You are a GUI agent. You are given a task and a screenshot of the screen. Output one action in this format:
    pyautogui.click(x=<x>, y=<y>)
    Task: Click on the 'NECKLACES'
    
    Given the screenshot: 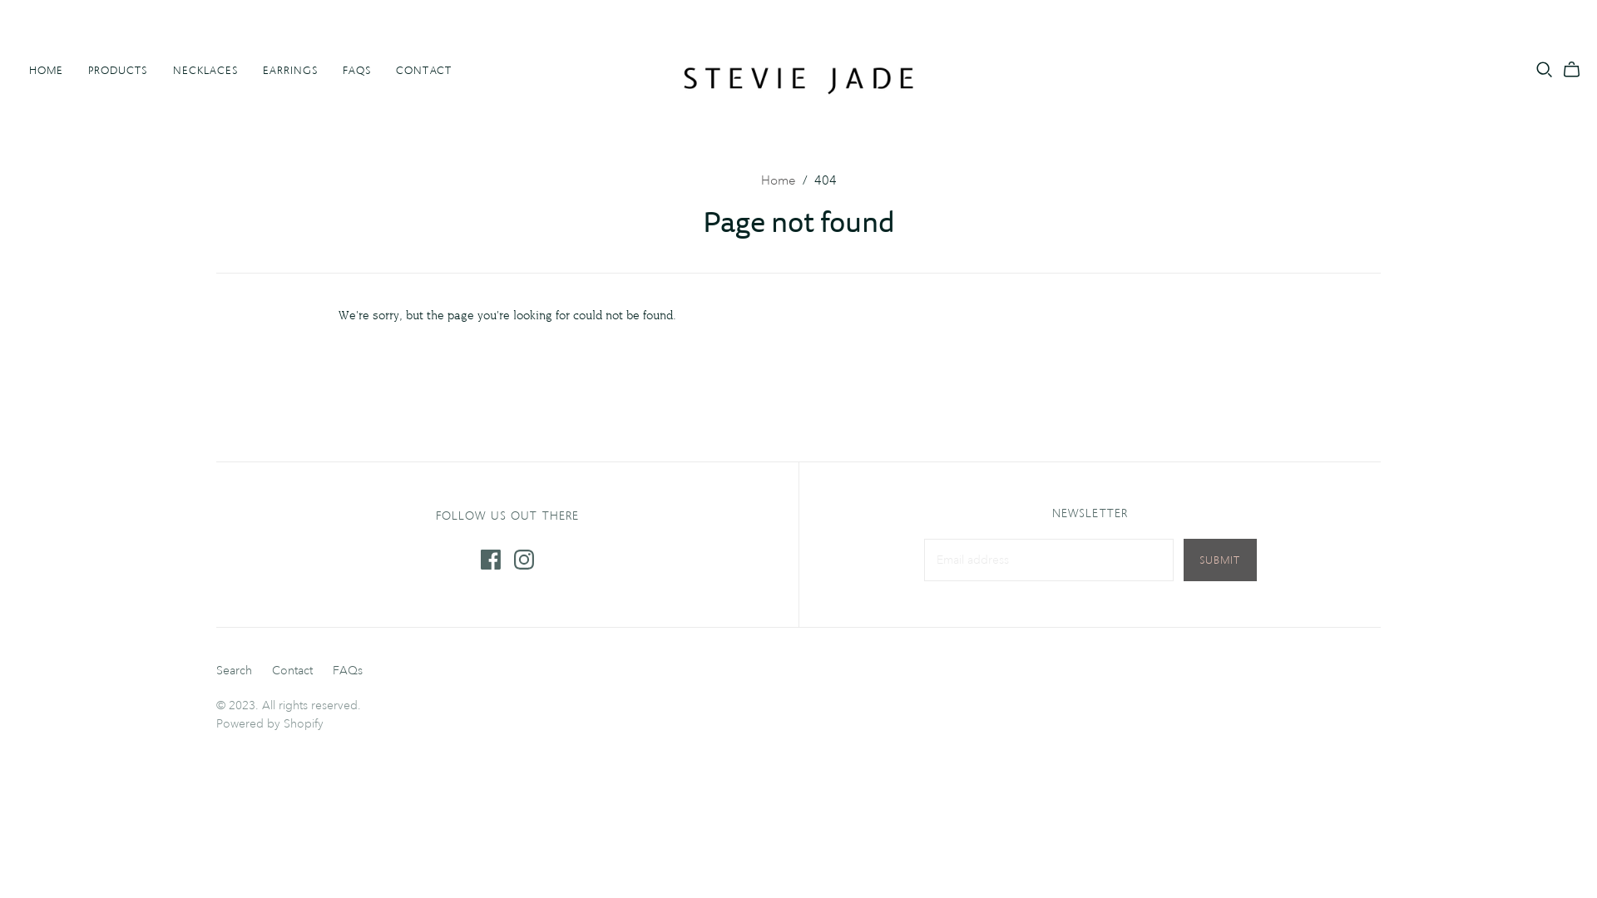 What is the action you would take?
    pyautogui.click(x=160, y=69)
    